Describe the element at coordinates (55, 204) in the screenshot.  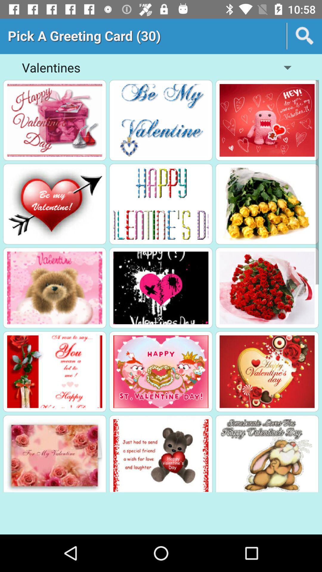
I see `pick card` at that location.